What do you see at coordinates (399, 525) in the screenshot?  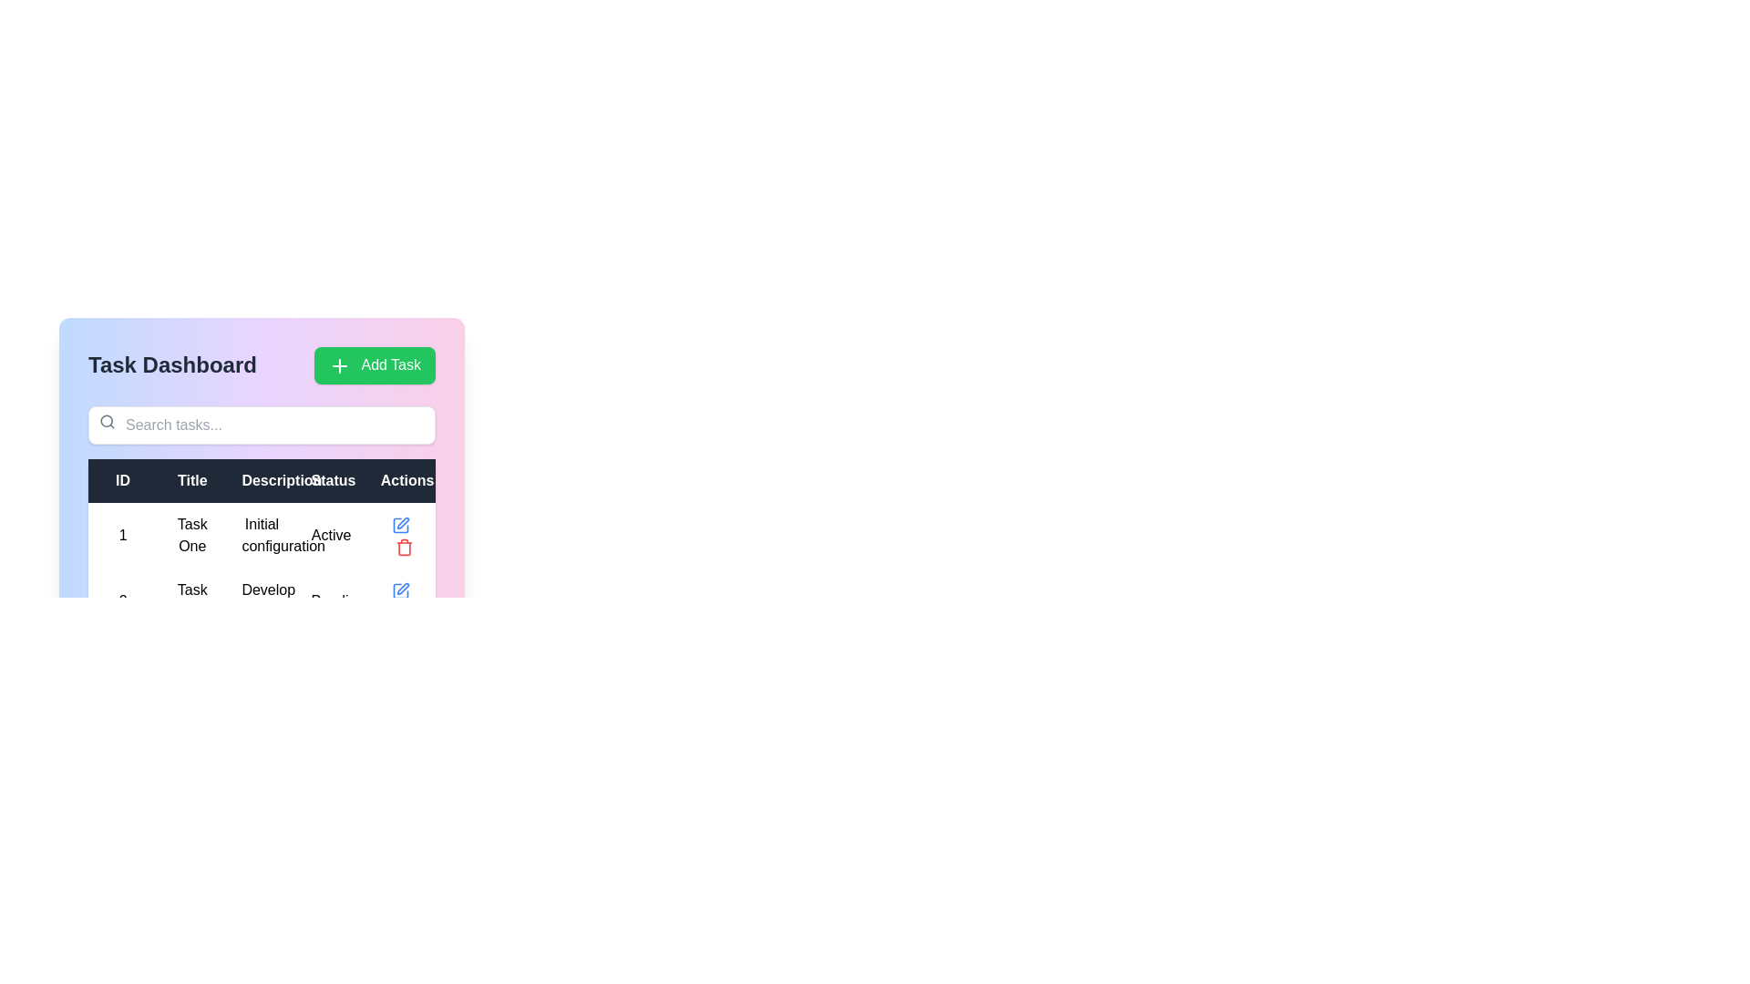 I see `the edit button located in the 'Actions' column of the first row of the task table, which is the leftmost action icon` at bounding box center [399, 525].